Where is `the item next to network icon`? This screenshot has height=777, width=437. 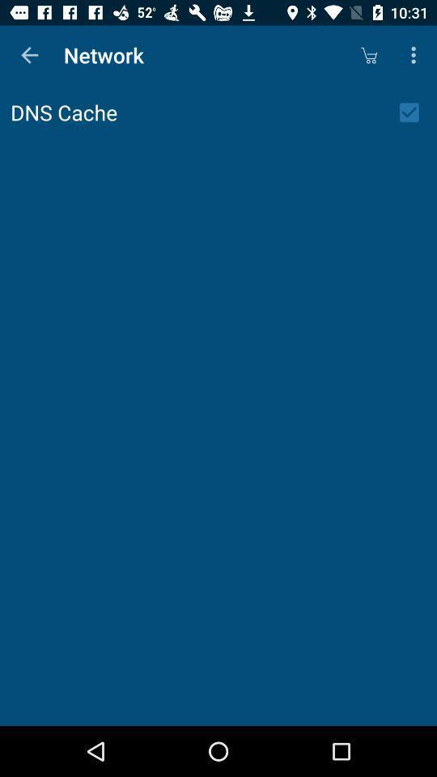
the item next to network icon is located at coordinates (29, 55).